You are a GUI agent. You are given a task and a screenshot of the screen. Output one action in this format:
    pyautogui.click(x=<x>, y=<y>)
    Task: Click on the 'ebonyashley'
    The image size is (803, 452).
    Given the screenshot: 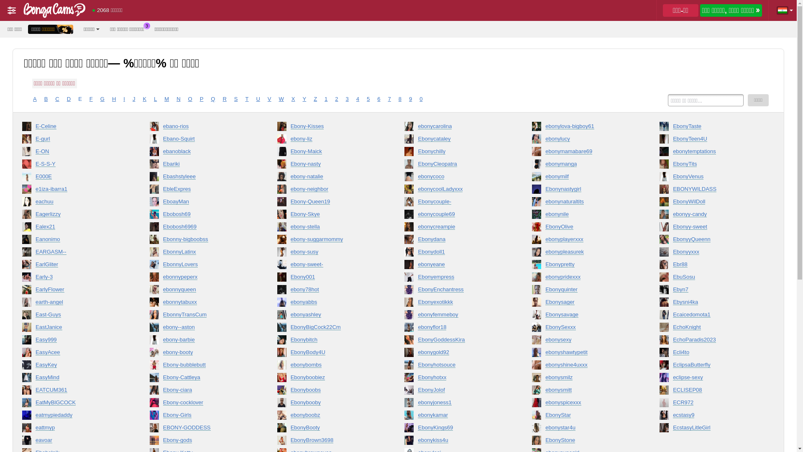 What is the action you would take?
    pyautogui.click(x=329, y=316)
    